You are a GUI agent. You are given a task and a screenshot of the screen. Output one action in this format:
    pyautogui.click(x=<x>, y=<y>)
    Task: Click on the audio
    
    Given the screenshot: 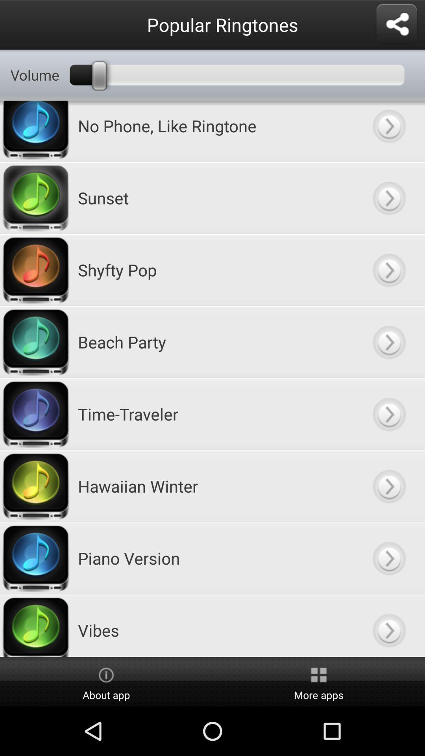 What is the action you would take?
    pyautogui.click(x=388, y=270)
    